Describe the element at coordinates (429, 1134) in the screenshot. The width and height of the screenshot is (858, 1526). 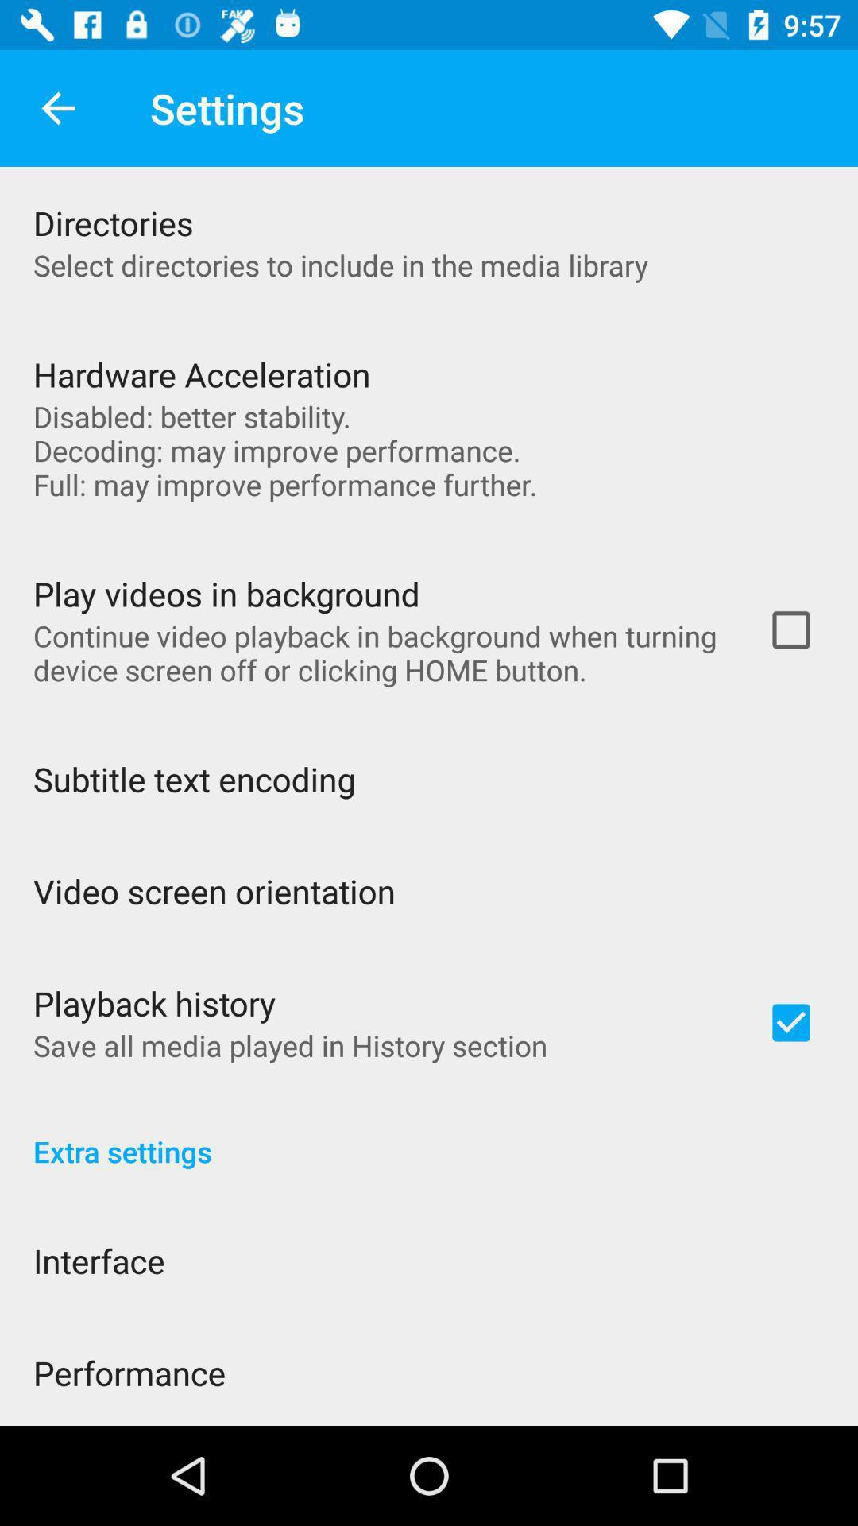
I see `extra settings icon` at that location.